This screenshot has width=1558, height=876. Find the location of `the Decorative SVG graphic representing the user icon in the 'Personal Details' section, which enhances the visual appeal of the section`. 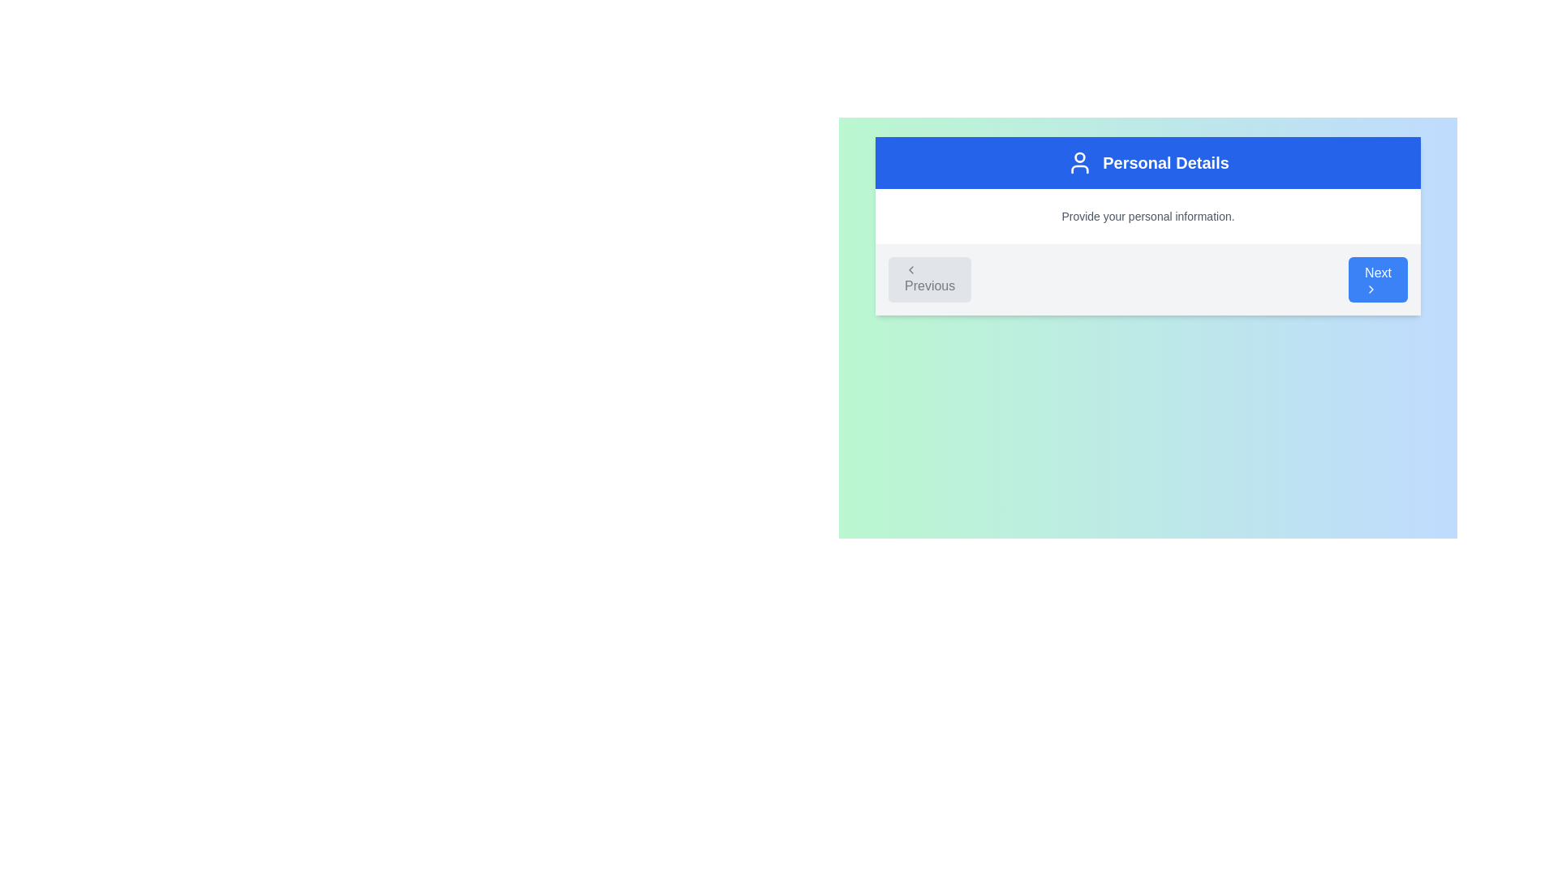

the Decorative SVG graphic representing the user icon in the 'Personal Details' section, which enhances the visual appeal of the section is located at coordinates (1080, 157).